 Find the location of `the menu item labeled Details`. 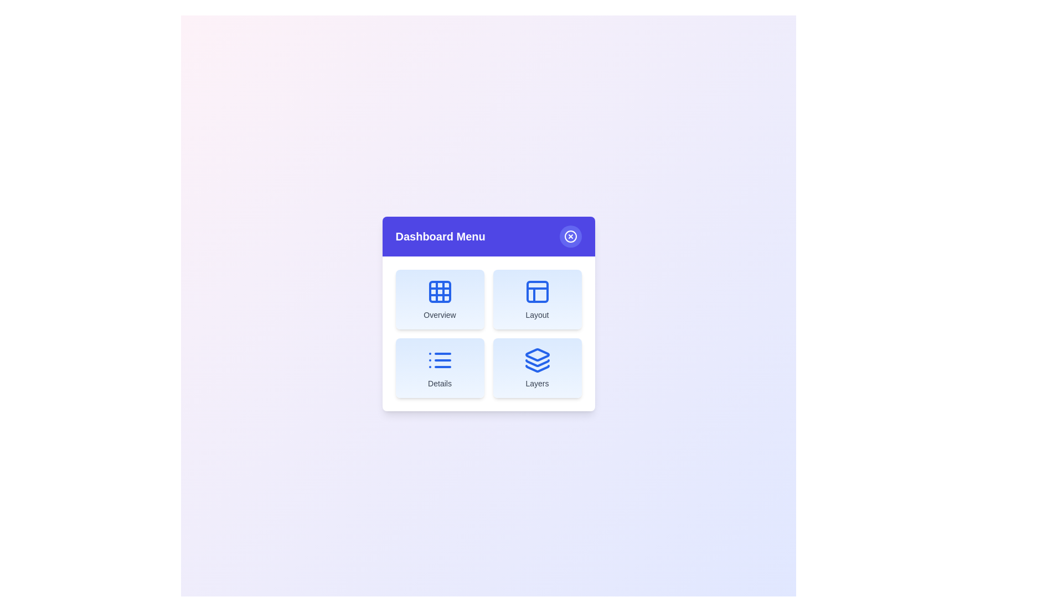

the menu item labeled Details is located at coordinates (439, 368).